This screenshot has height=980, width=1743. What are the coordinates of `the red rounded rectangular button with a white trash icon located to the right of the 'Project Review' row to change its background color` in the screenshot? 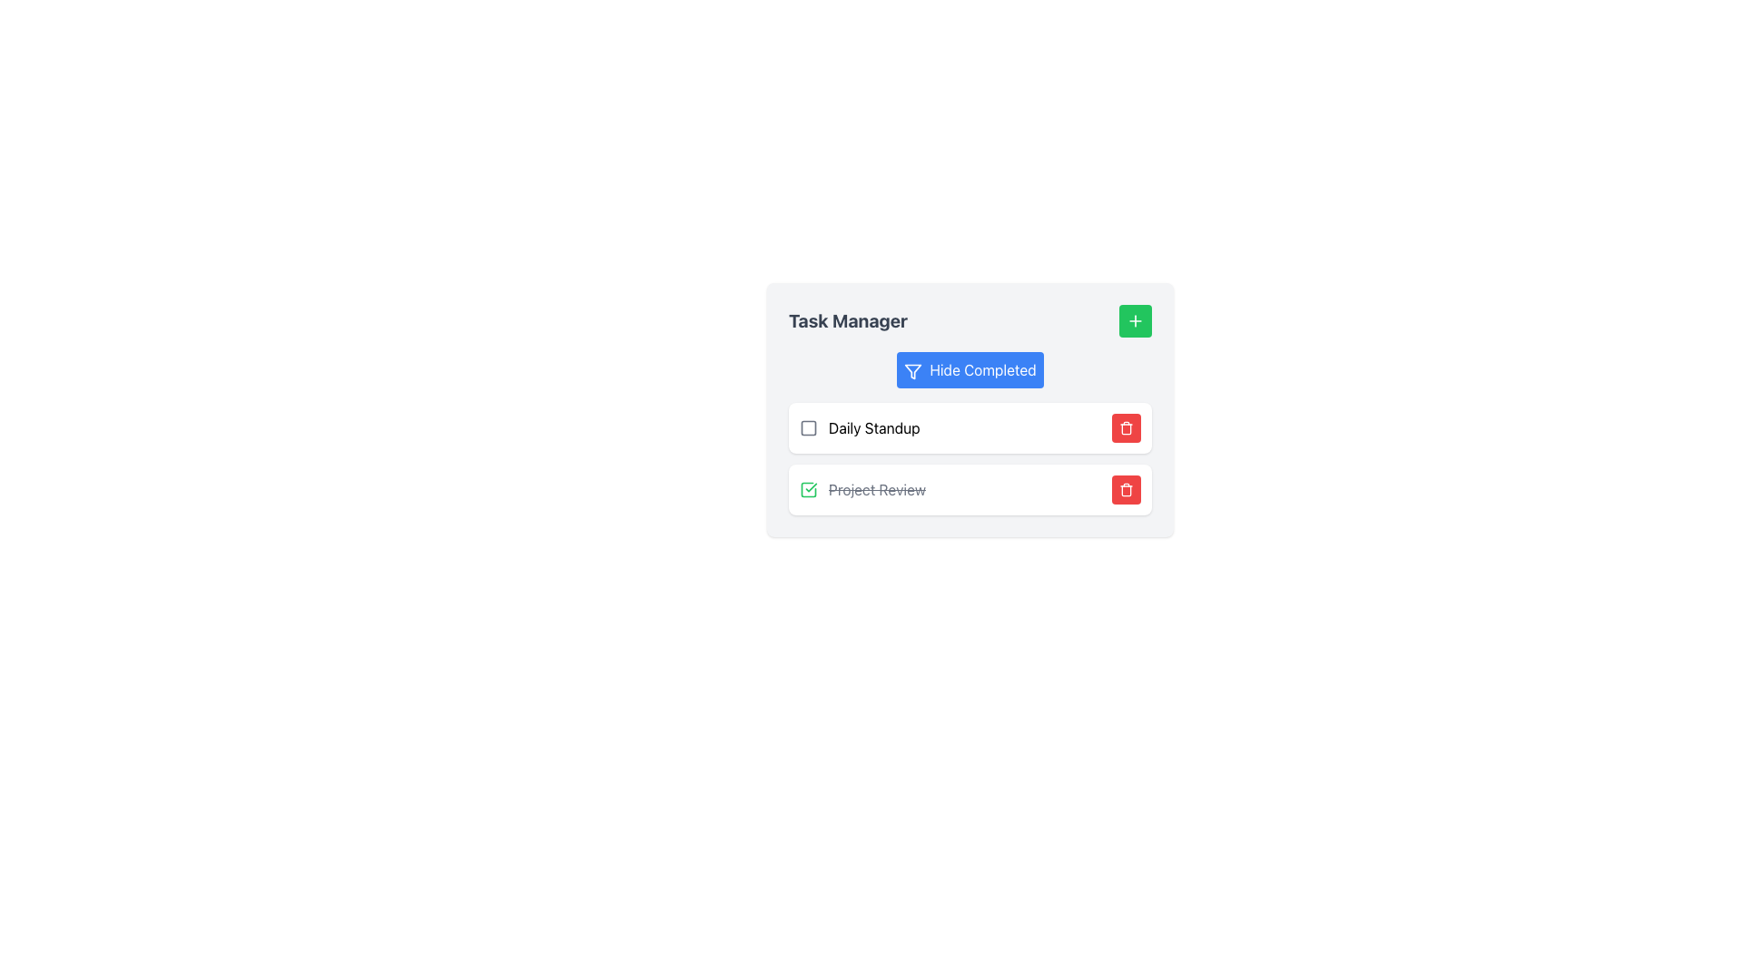 It's located at (1126, 490).